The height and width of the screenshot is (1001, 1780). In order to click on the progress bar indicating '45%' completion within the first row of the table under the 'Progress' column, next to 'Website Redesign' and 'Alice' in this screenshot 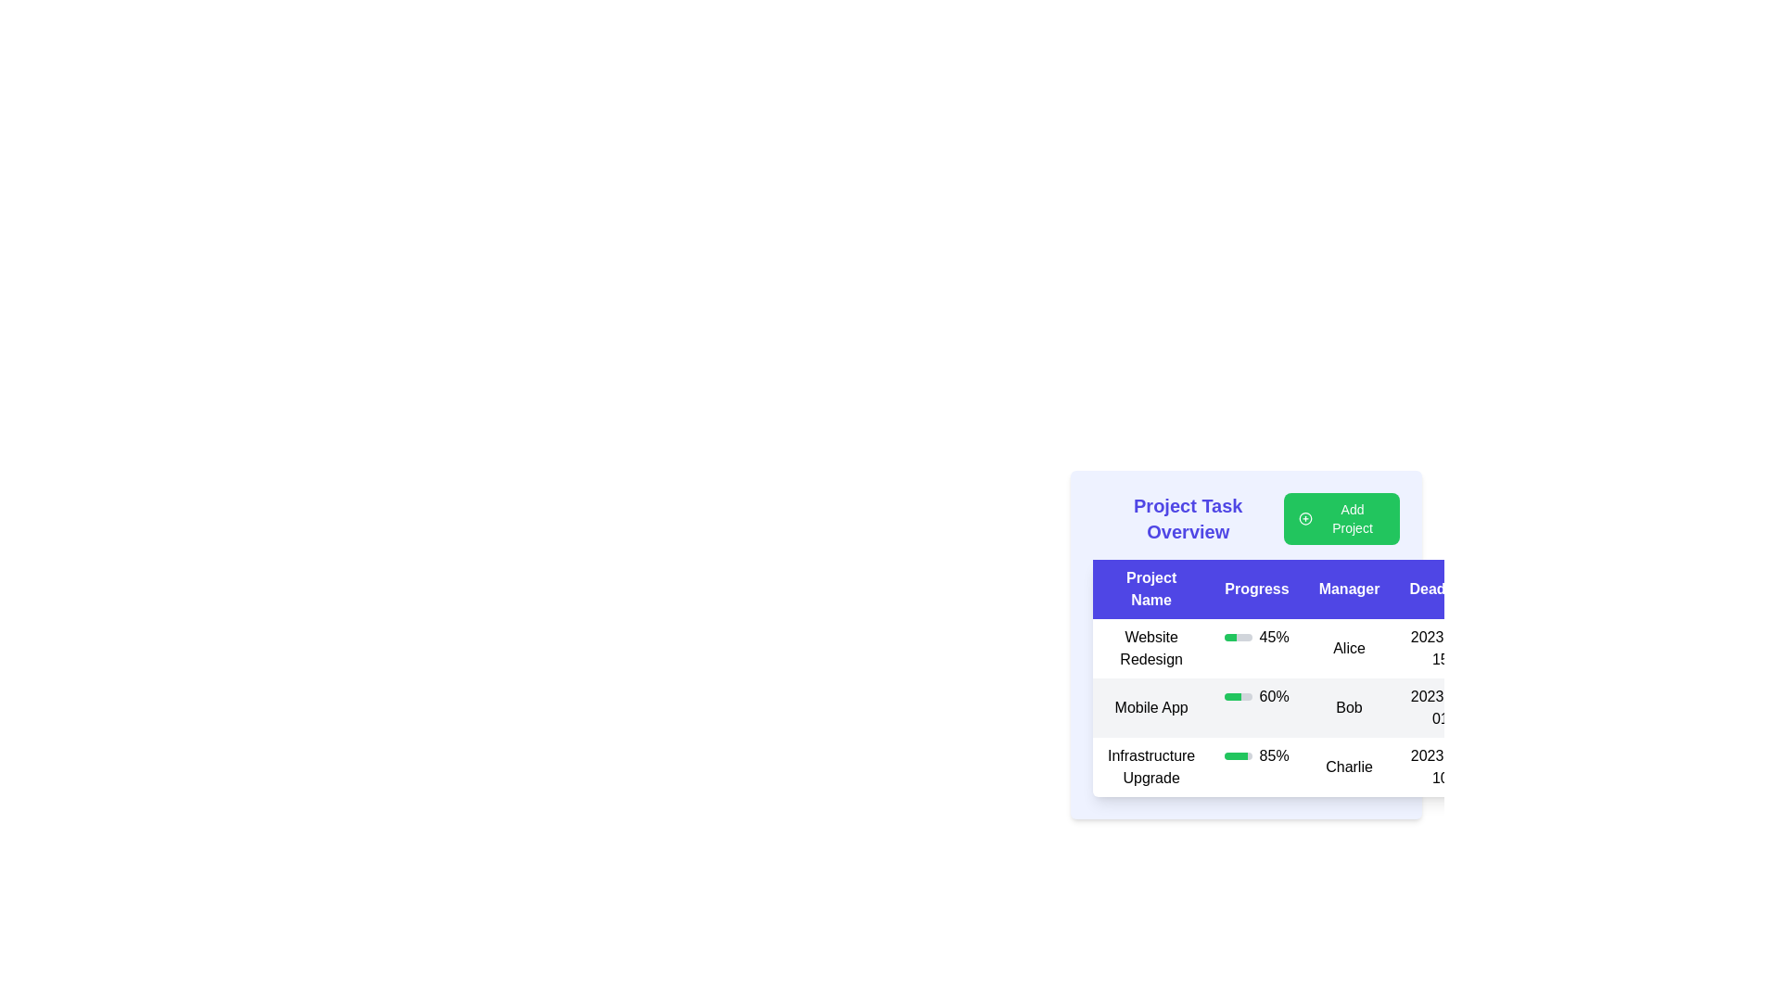, I will do `click(1246, 643)`.